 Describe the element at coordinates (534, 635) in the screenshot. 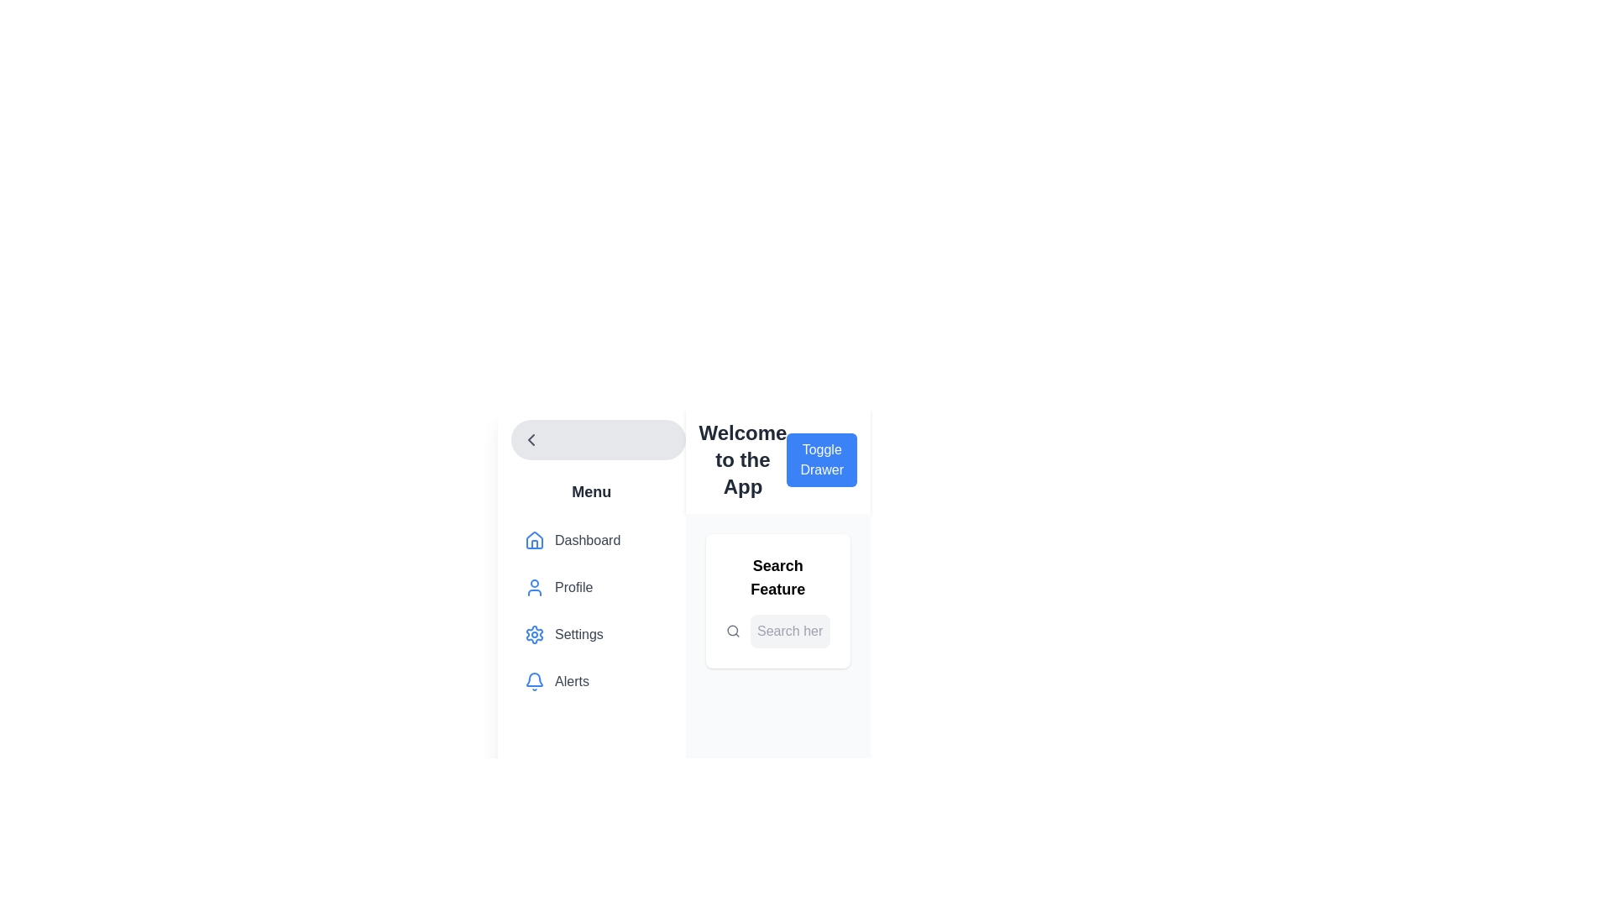

I see `the blue gear/cogwheel icon associated with the 'Settings' menu item, which is the first icon in the 'Settings' group located in the vertical menu on the left side of the interface` at that location.